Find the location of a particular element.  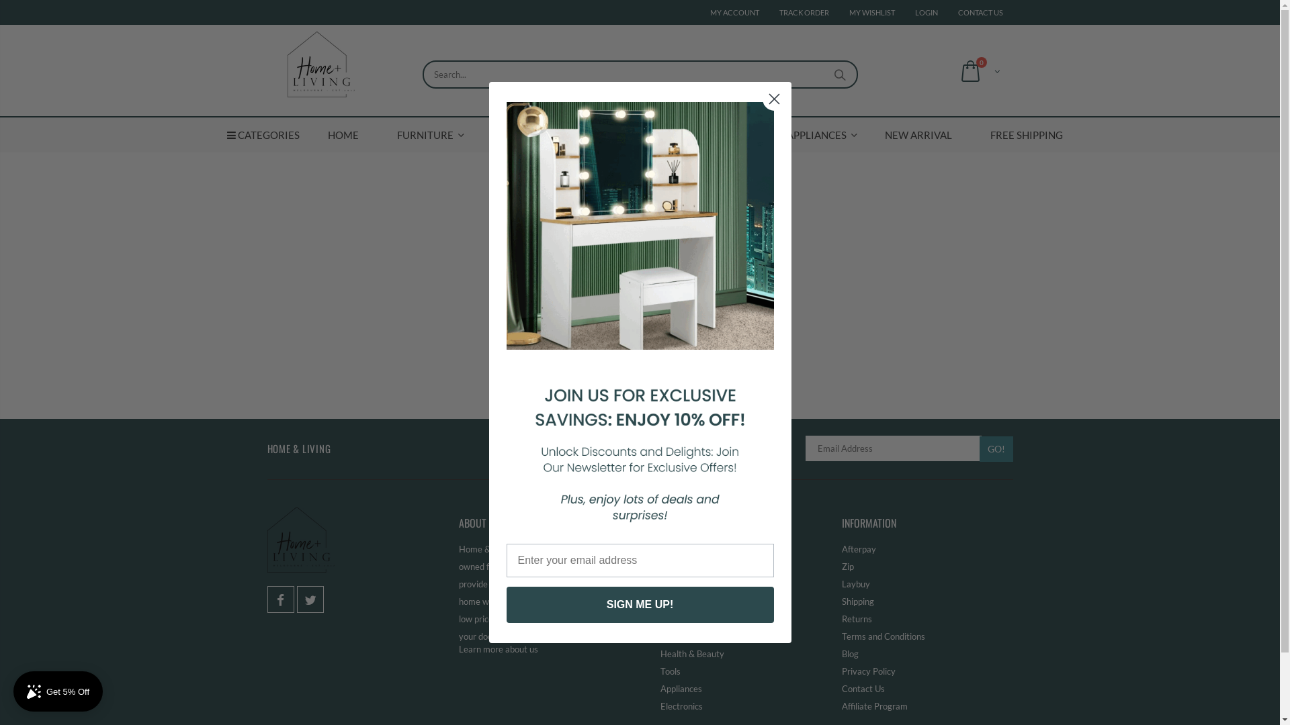

'Privacy Policy' is located at coordinates (841, 671).